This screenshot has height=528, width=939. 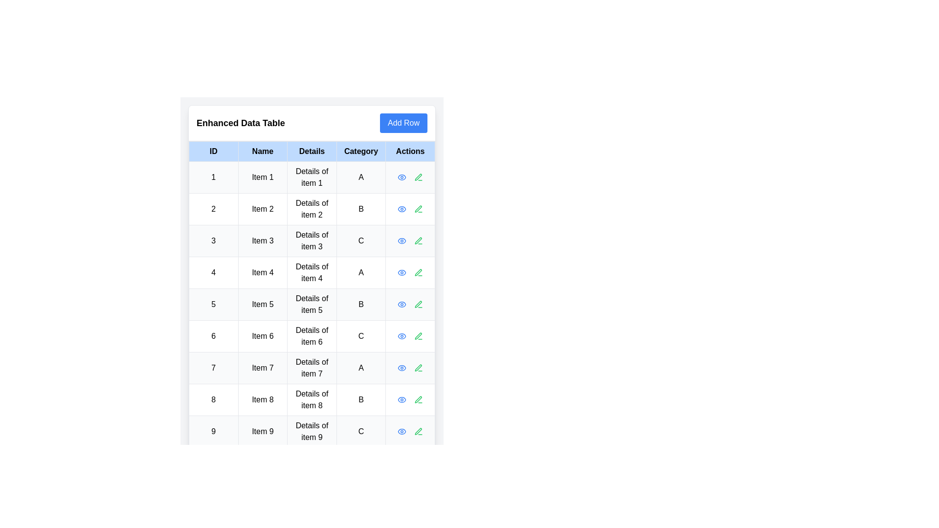 What do you see at coordinates (419, 431) in the screenshot?
I see `the green pen icon button in the Actions column corresponding to Item 9` at bounding box center [419, 431].